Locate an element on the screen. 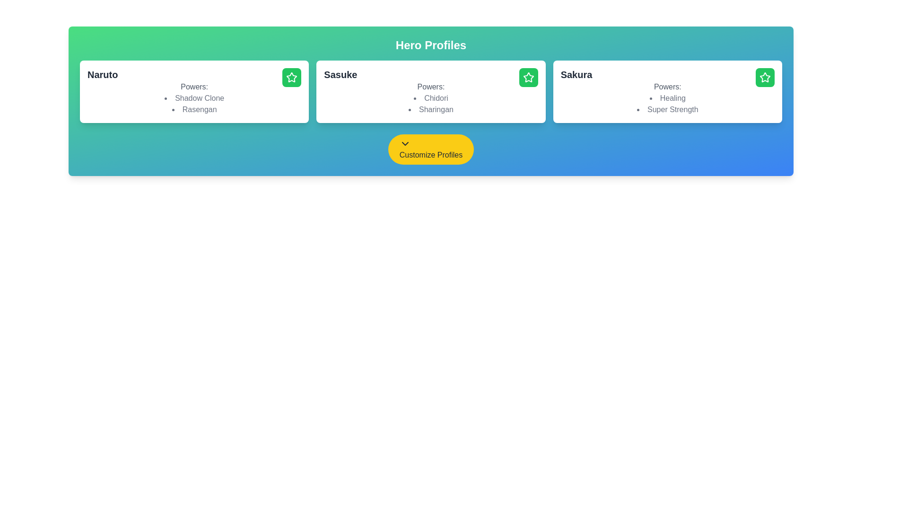 This screenshot has height=511, width=908. the star-shaped icon outlined in green located in the top-right corner of the 'Naruto' card is located at coordinates (291, 77).